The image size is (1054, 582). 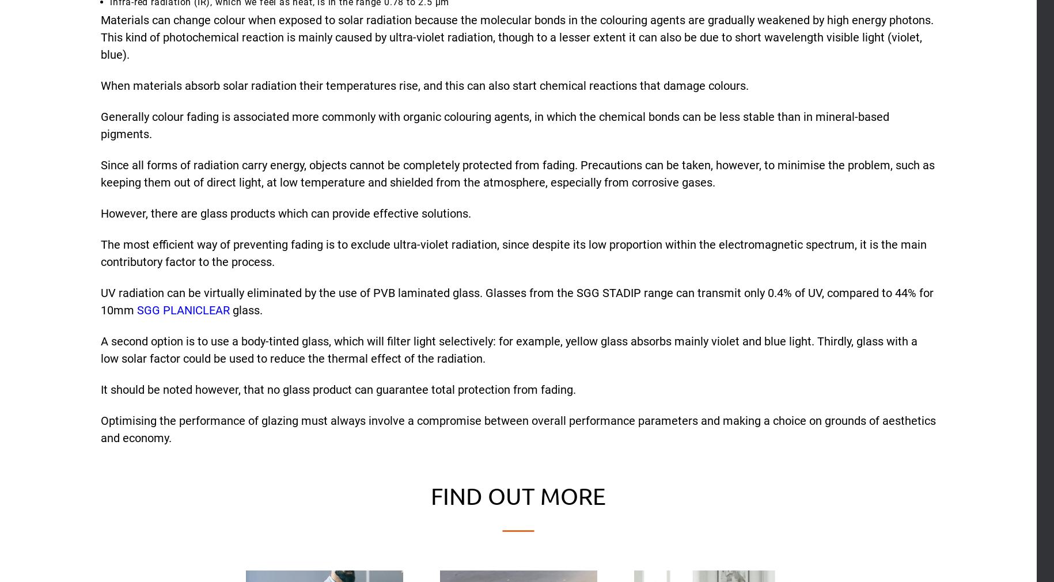 What do you see at coordinates (518, 428) in the screenshot?
I see `'Optimising the performance of glazing must always involve a compromise between overall performance parameters and making a choice on grounds of aesthetics and economy.'` at bounding box center [518, 428].